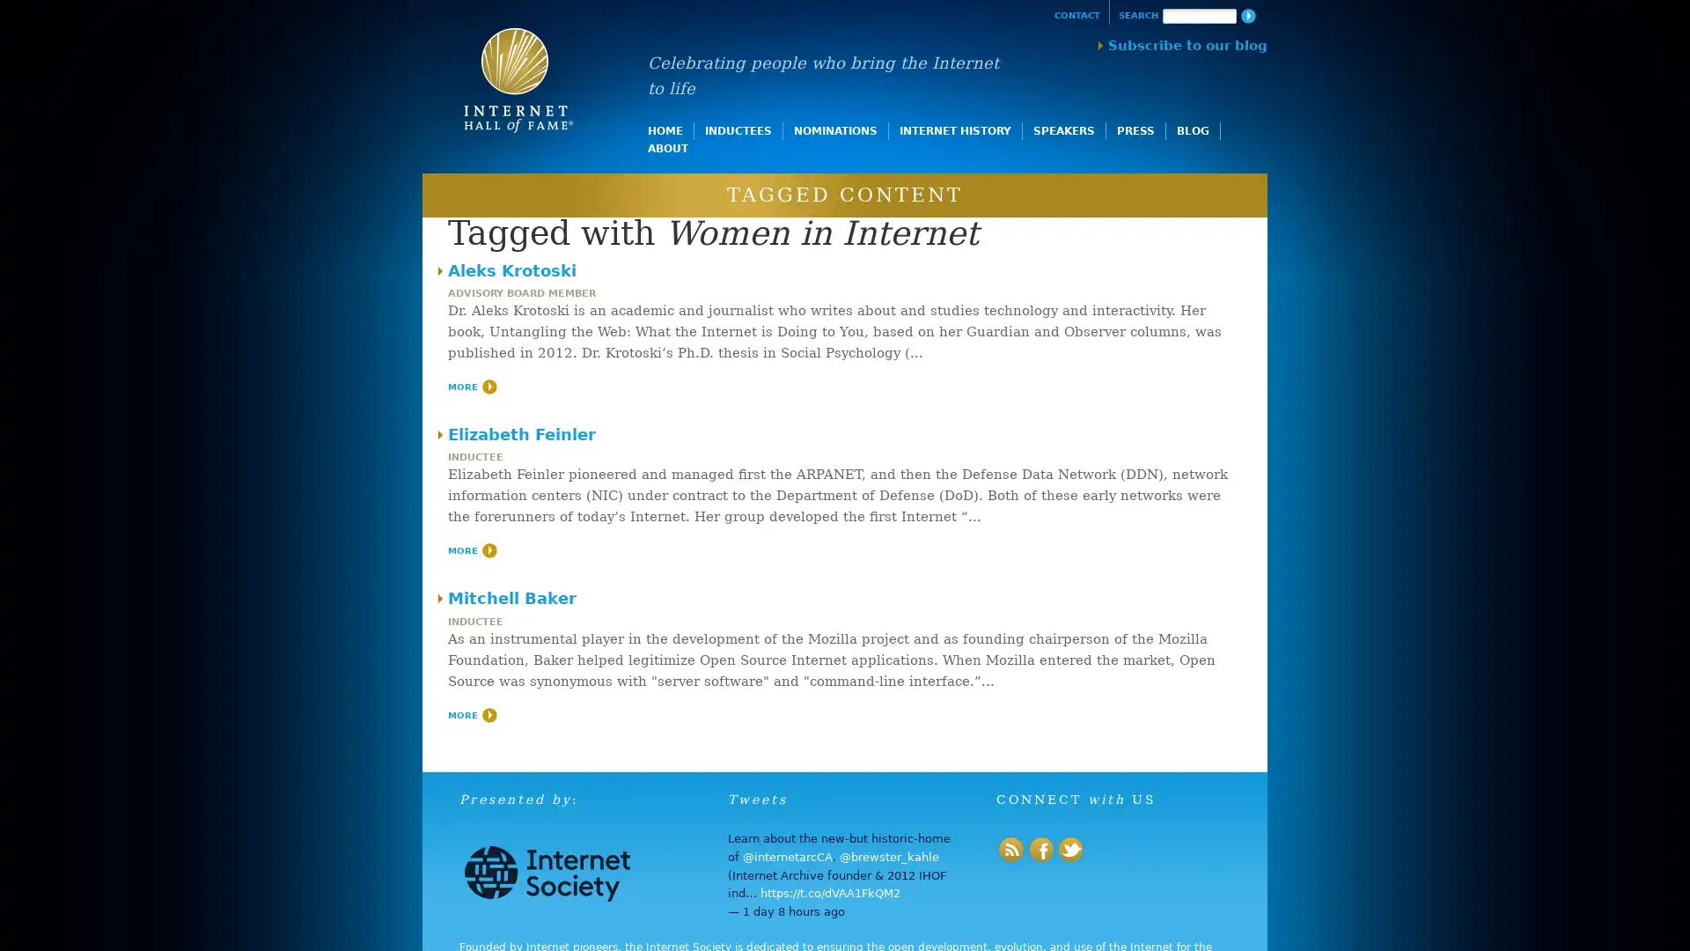 The height and width of the screenshot is (951, 1690). What do you see at coordinates (1246, 16) in the screenshot?
I see `Search` at bounding box center [1246, 16].